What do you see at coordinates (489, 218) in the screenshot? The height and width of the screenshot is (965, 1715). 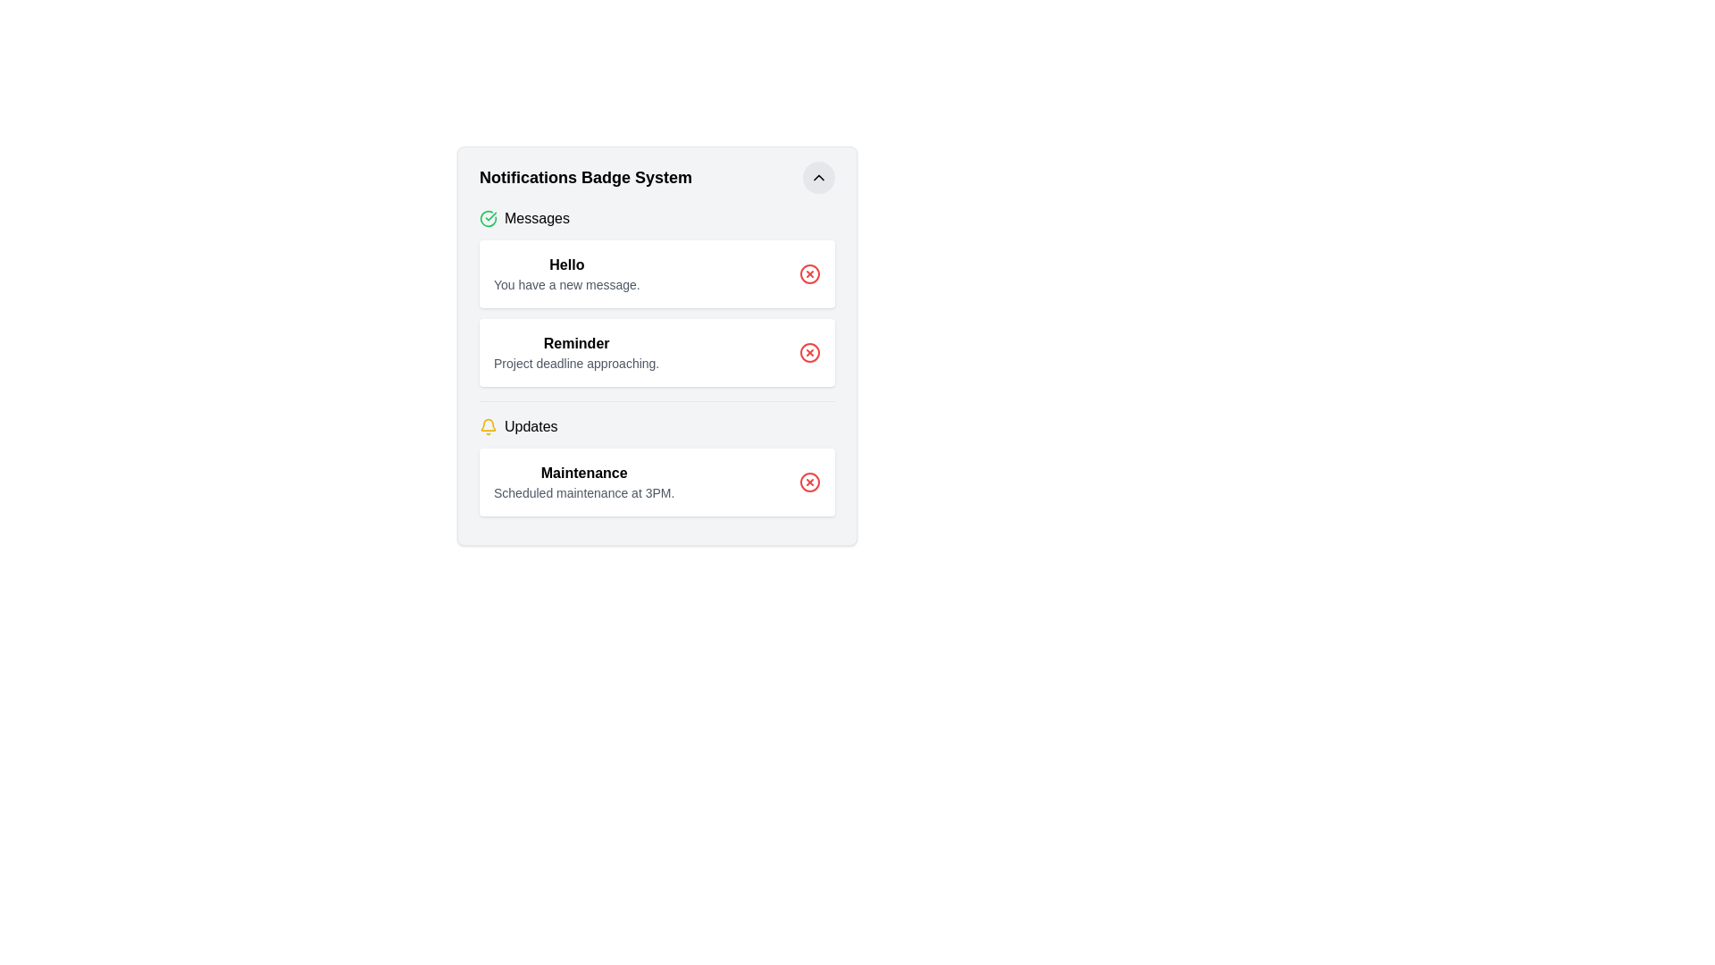 I see `the vector graphic icon that symbolizes a completion or confirmation state within the notification system interface, located near the 'Messages' heading` at bounding box center [489, 218].